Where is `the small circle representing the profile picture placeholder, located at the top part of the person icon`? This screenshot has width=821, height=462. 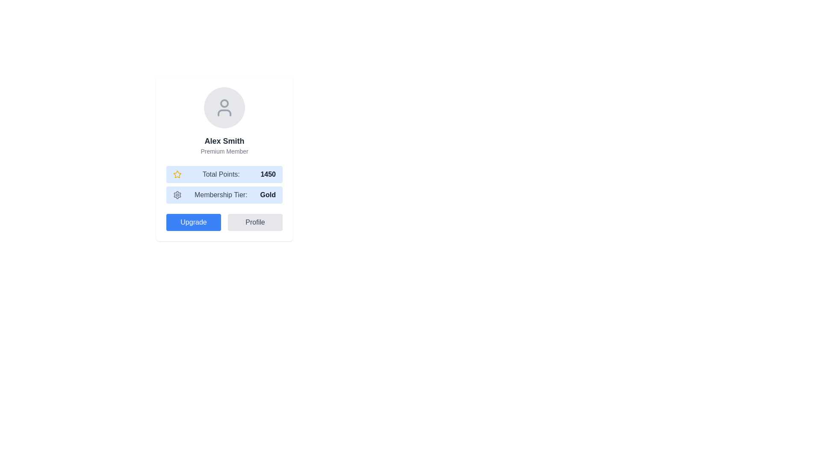
the small circle representing the profile picture placeholder, located at the top part of the person icon is located at coordinates (224, 103).